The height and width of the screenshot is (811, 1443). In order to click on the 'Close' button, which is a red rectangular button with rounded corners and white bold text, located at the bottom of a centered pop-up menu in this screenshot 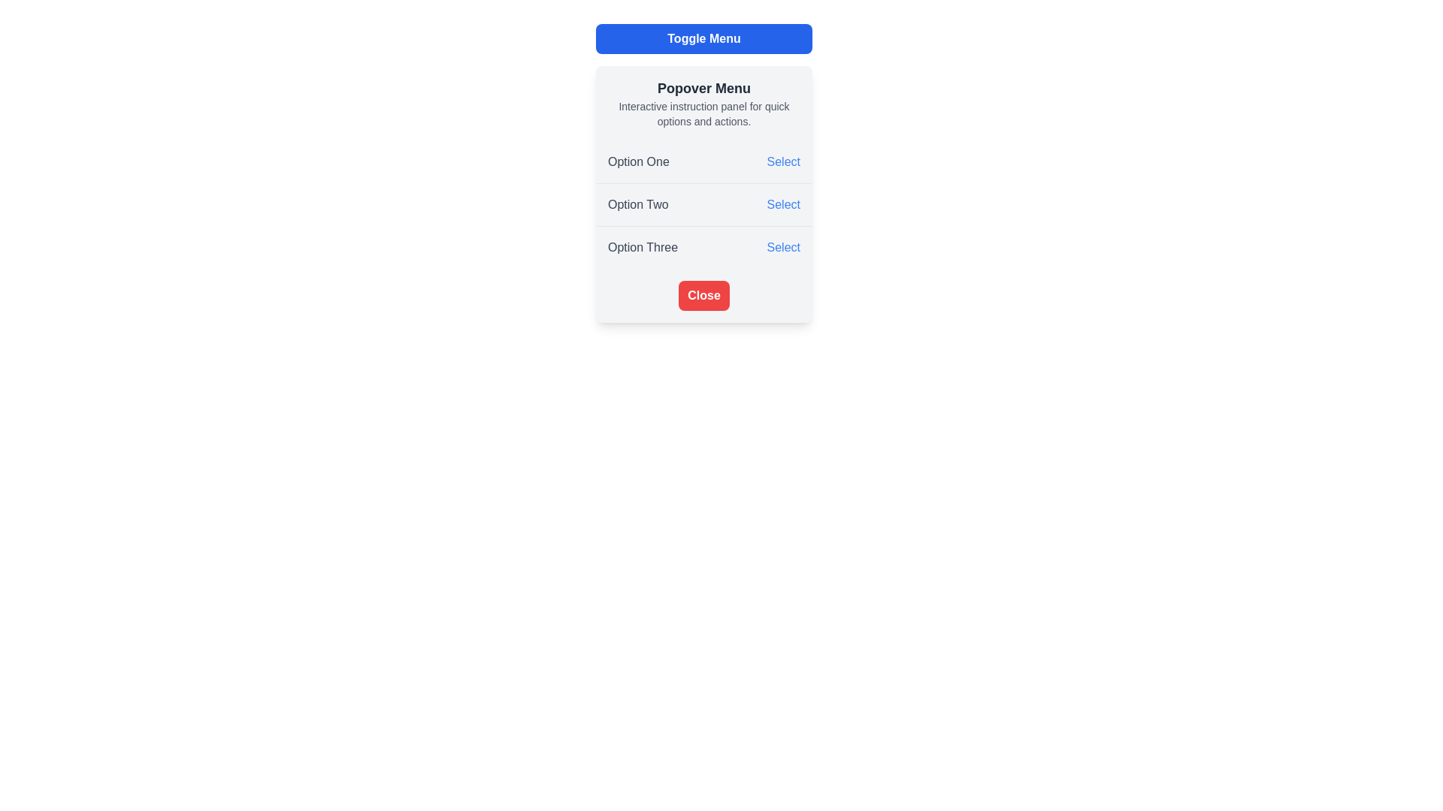, I will do `click(703, 295)`.